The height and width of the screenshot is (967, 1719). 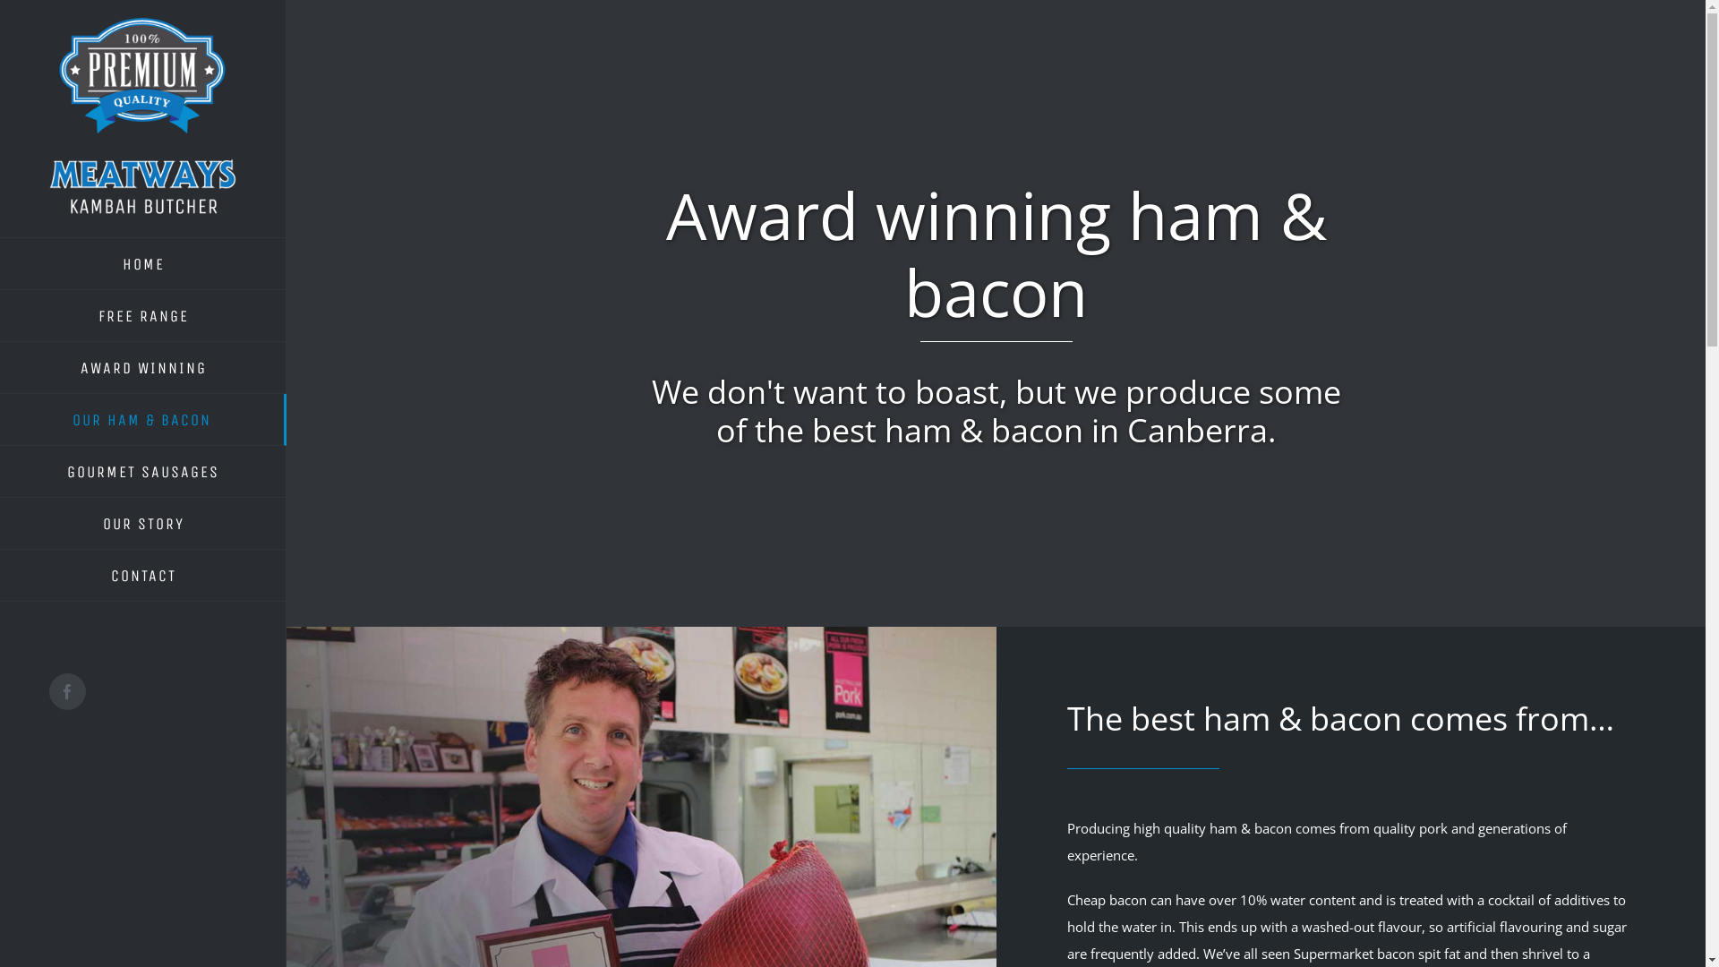 What do you see at coordinates (67, 690) in the screenshot?
I see `'Facebook'` at bounding box center [67, 690].